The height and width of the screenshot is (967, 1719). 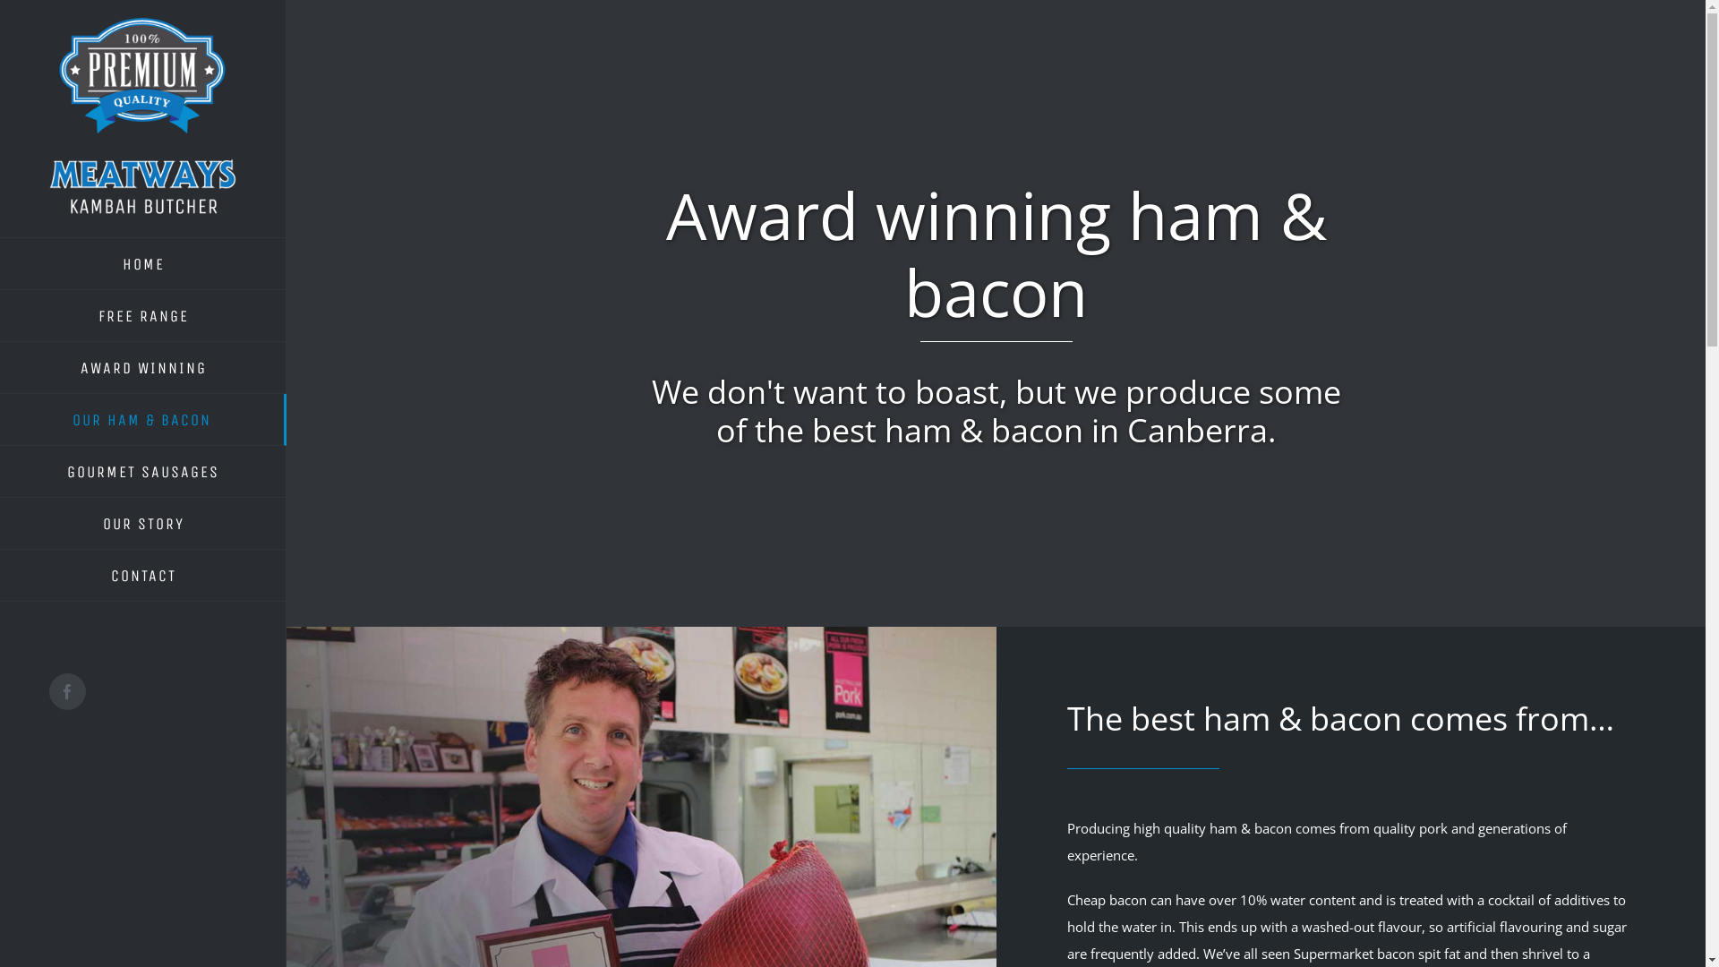 What do you see at coordinates (67, 690) in the screenshot?
I see `'Facebook'` at bounding box center [67, 690].